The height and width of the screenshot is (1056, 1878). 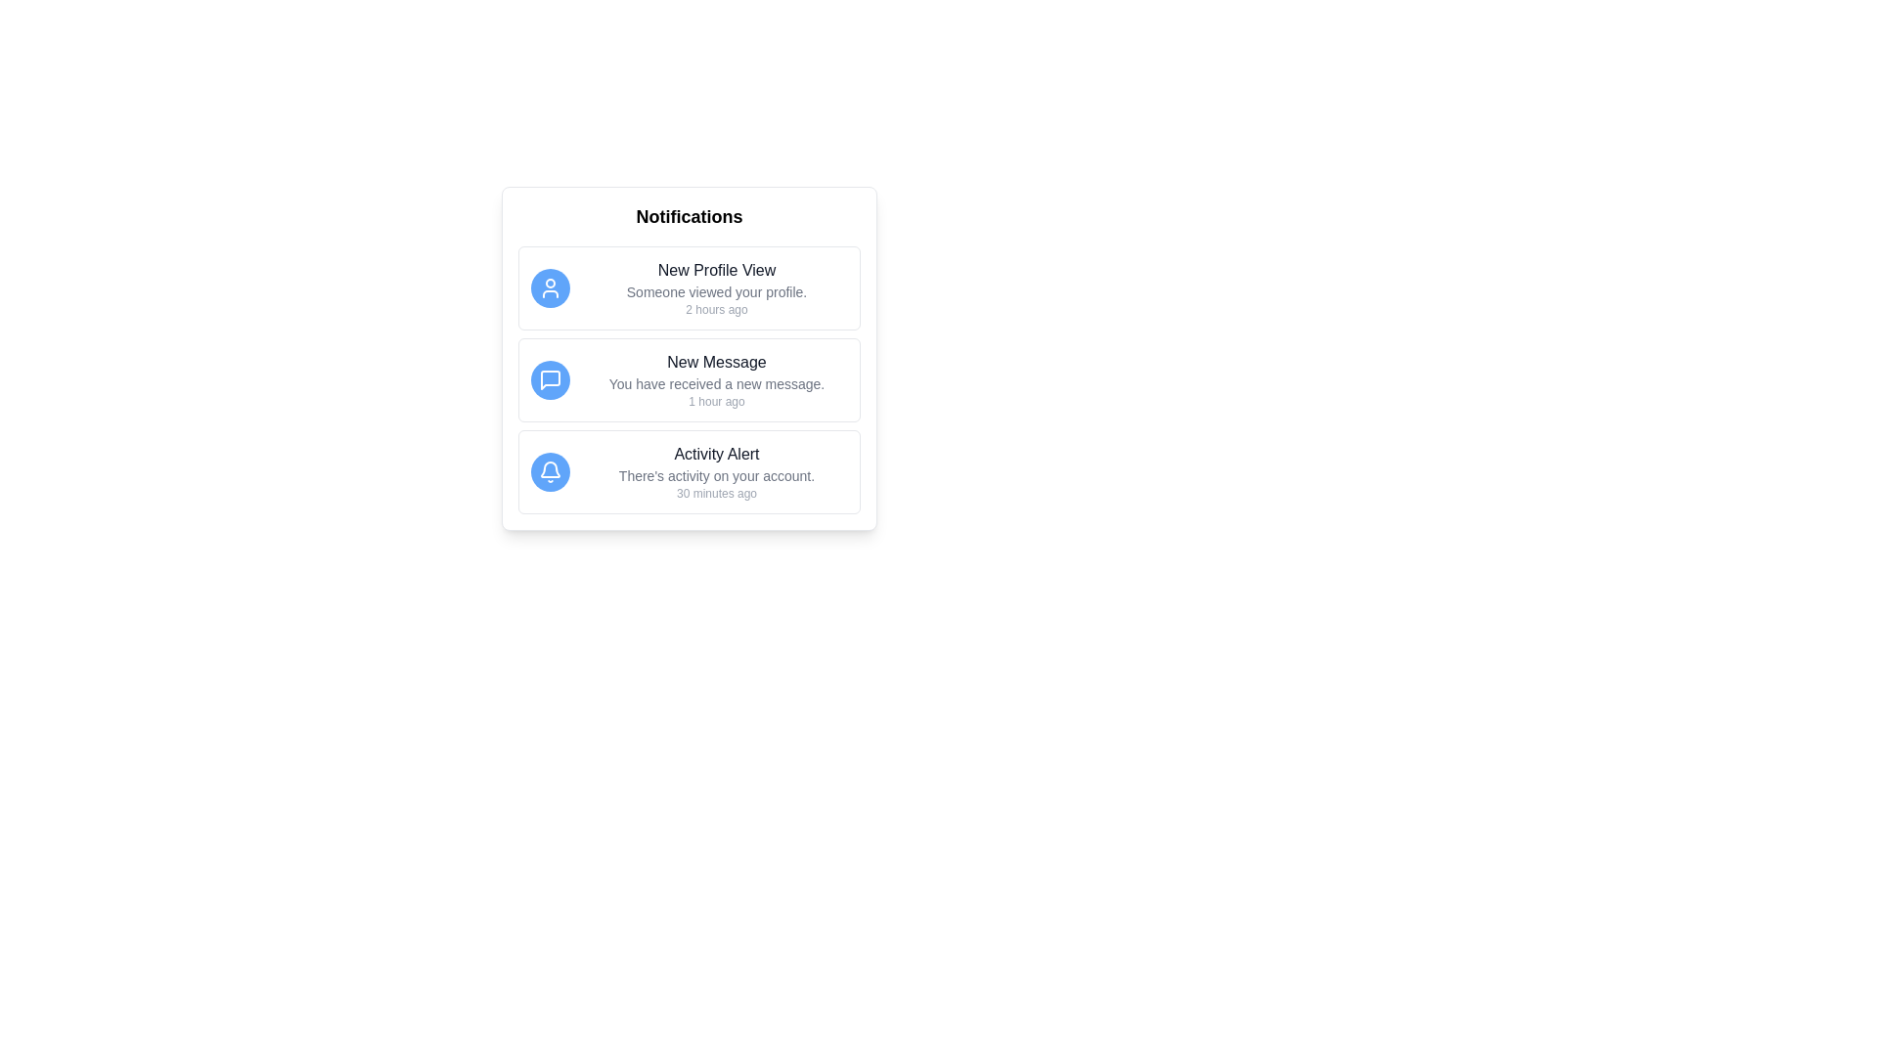 What do you see at coordinates (549, 380) in the screenshot?
I see `the decorative messaging icon located within the 'New Message' notification's second item, positioned to the left of the notification title` at bounding box center [549, 380].